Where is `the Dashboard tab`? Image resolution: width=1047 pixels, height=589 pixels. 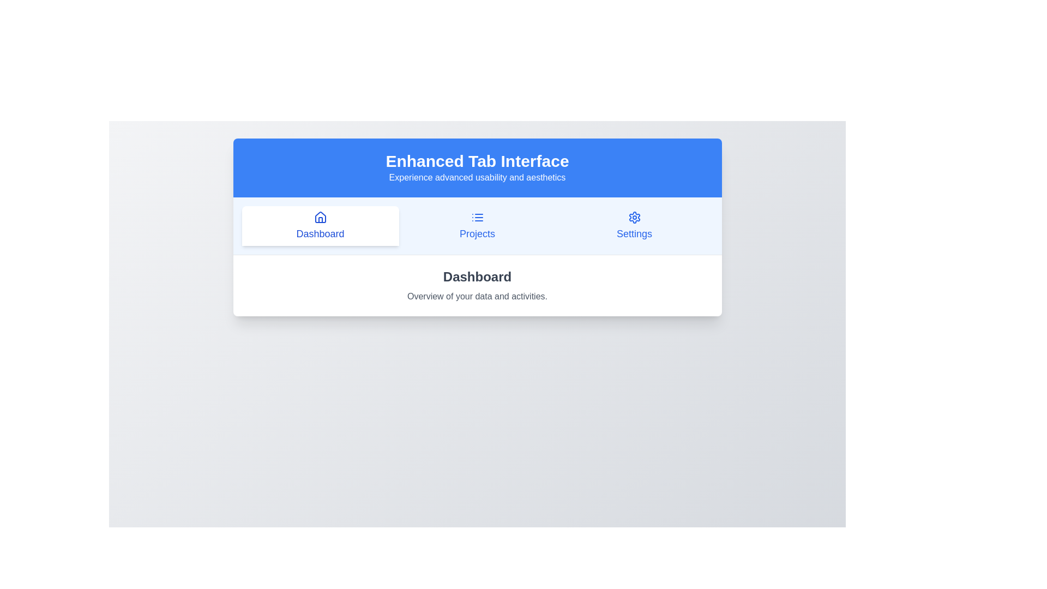 the Dashboard tab is located at coordinates (320, 225).